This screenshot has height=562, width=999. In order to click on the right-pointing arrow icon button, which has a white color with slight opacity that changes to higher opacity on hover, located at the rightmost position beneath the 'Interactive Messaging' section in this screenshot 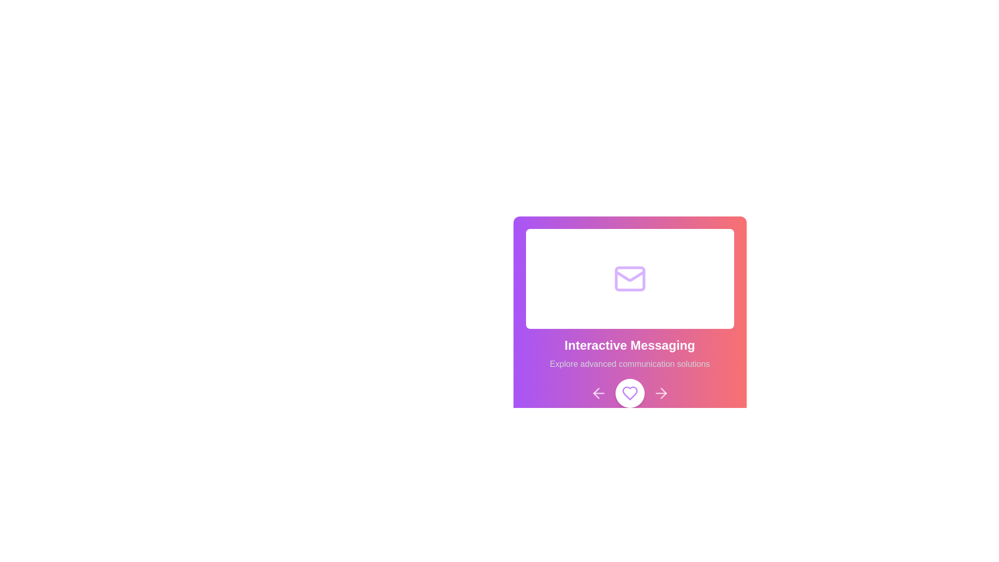, I will do `click(660, 393)`.